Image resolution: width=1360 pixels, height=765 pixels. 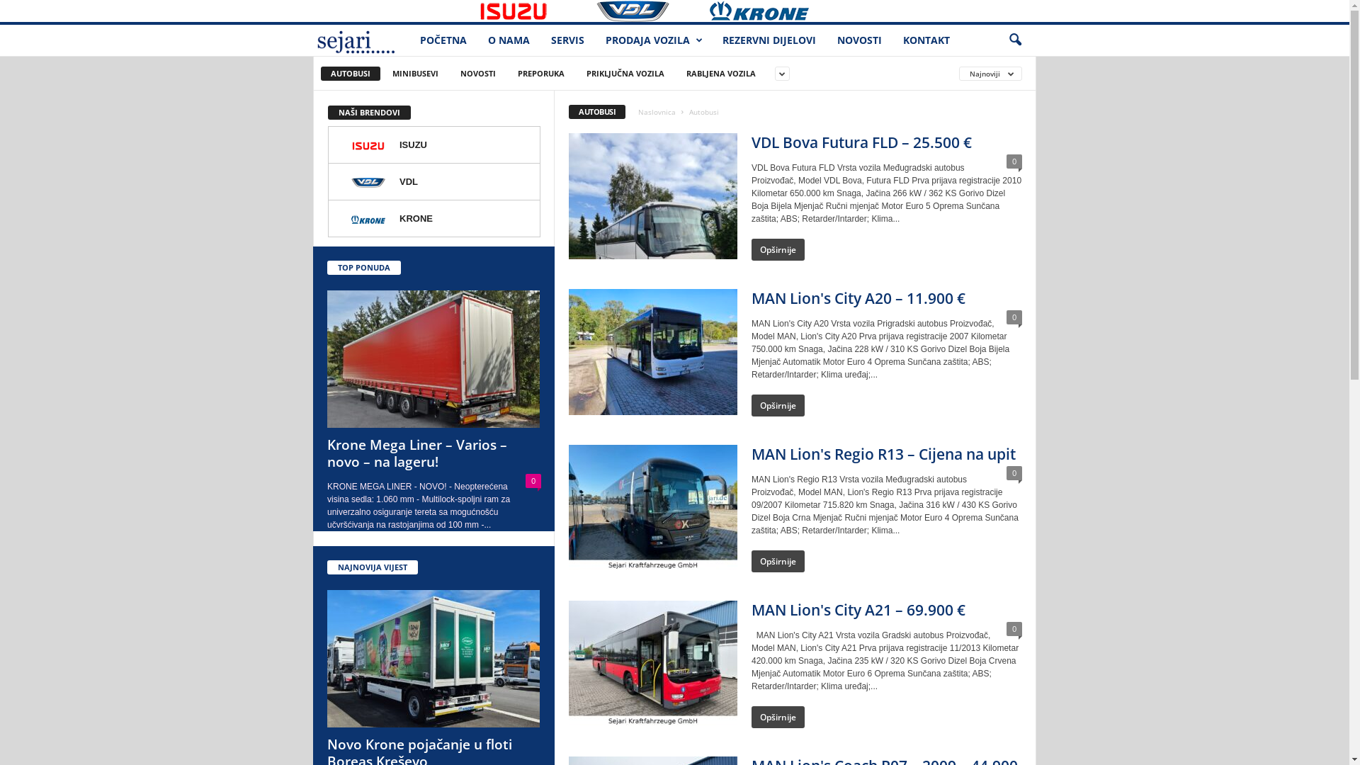 I want to click on 'Naslovnica', so click(x=656, y=111).